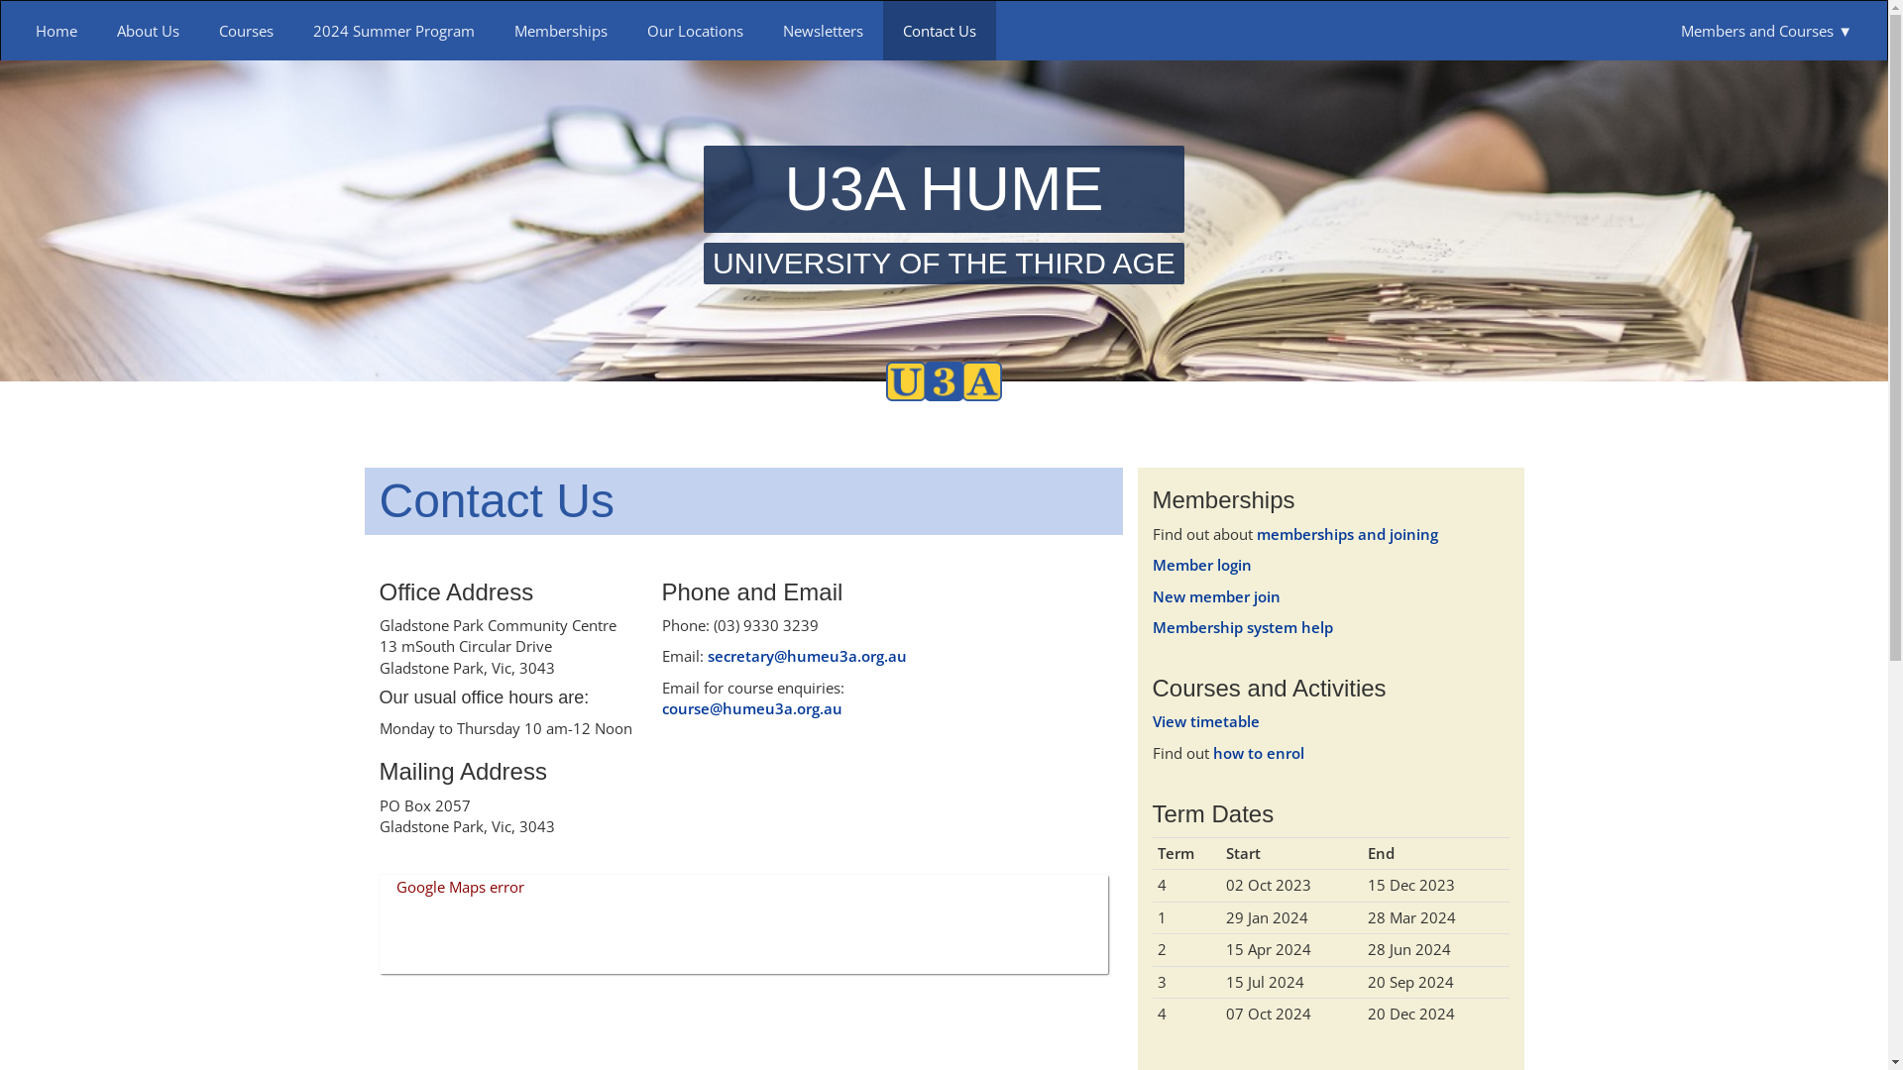 The height and width of the screenshot is (1070, 1903). What do you see at coordinates (560, 30) in the screenshot?
I see `'Memberships'` at bounding box center [560, 30].